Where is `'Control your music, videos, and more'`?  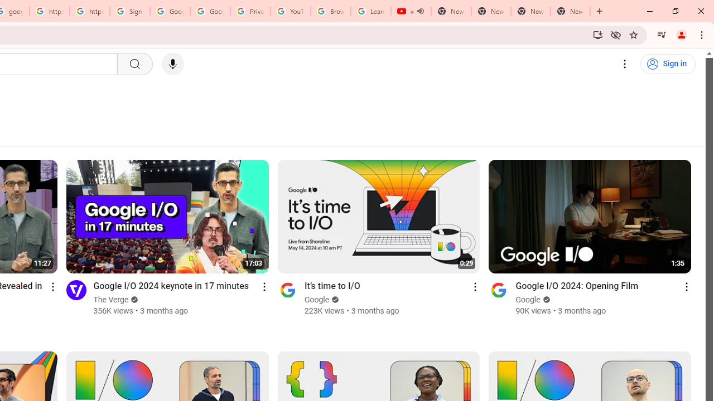 'Control your music, videos, and more' is located at coordinates (661, 34).